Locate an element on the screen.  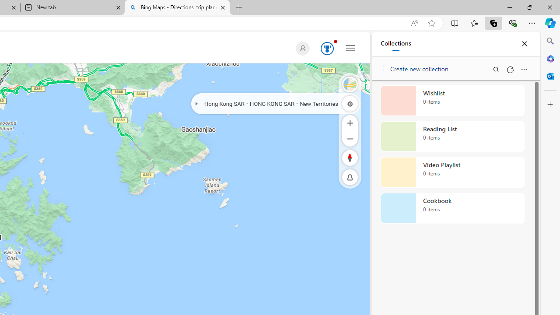
'Reset to Default Pitch' is located at coordinates (350, 177).